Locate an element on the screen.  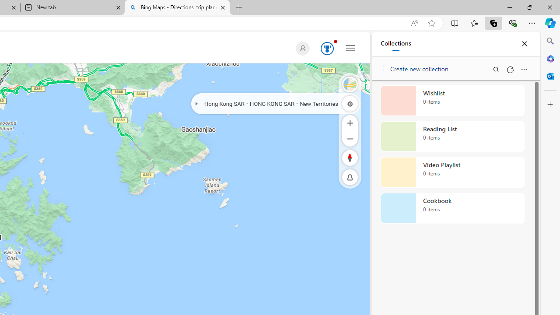
'Reset to Default Pitch' is located at coordinates (350, 177).